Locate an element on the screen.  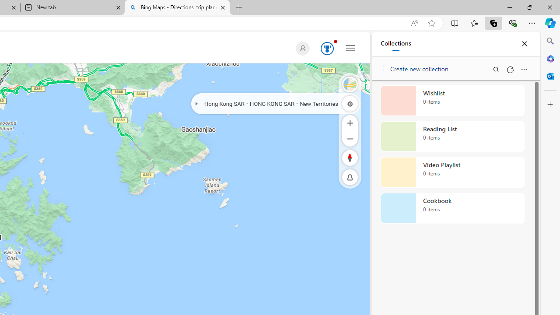
'Reset to Default Pitch' is located at coordinates (350, 177).